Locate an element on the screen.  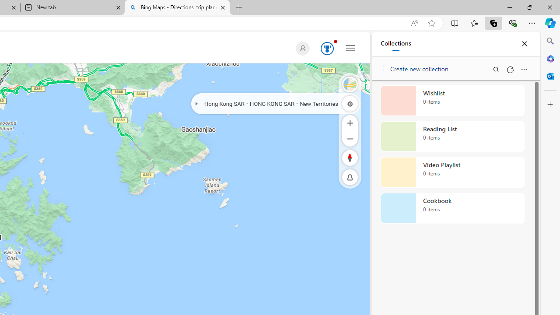
'Reset to Default Pitch' is located at coordinates (350, 177).